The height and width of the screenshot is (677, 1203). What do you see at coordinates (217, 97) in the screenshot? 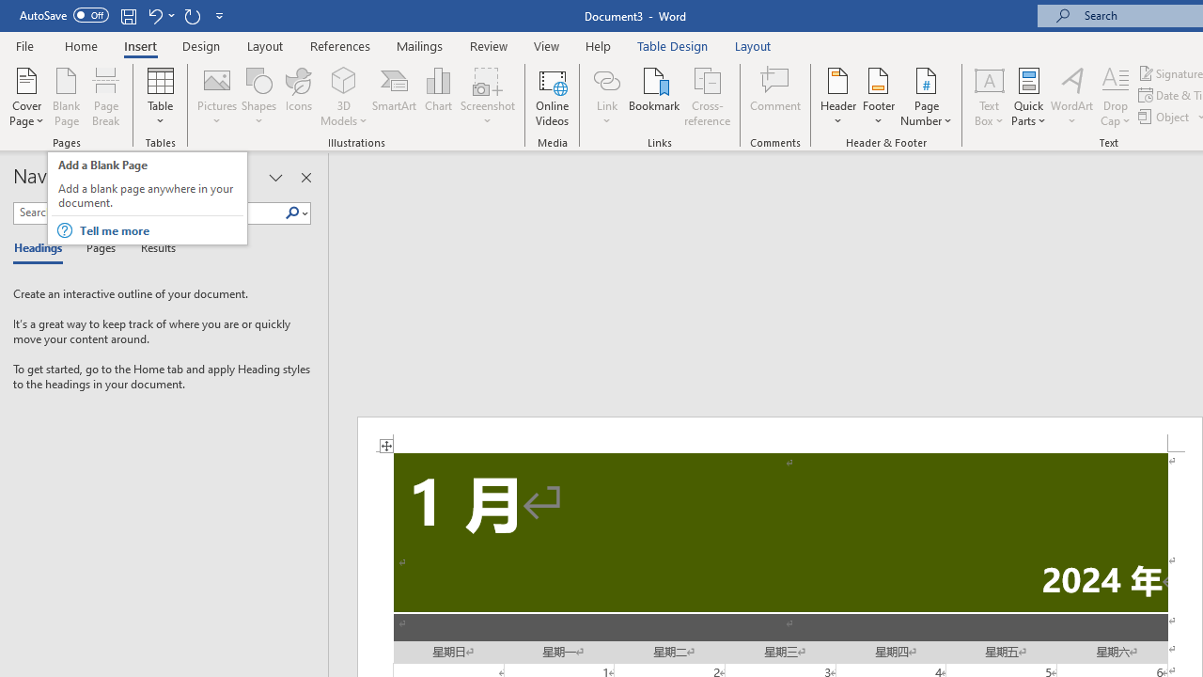
I see `'Pictures'` at bounding box center [217, 97].